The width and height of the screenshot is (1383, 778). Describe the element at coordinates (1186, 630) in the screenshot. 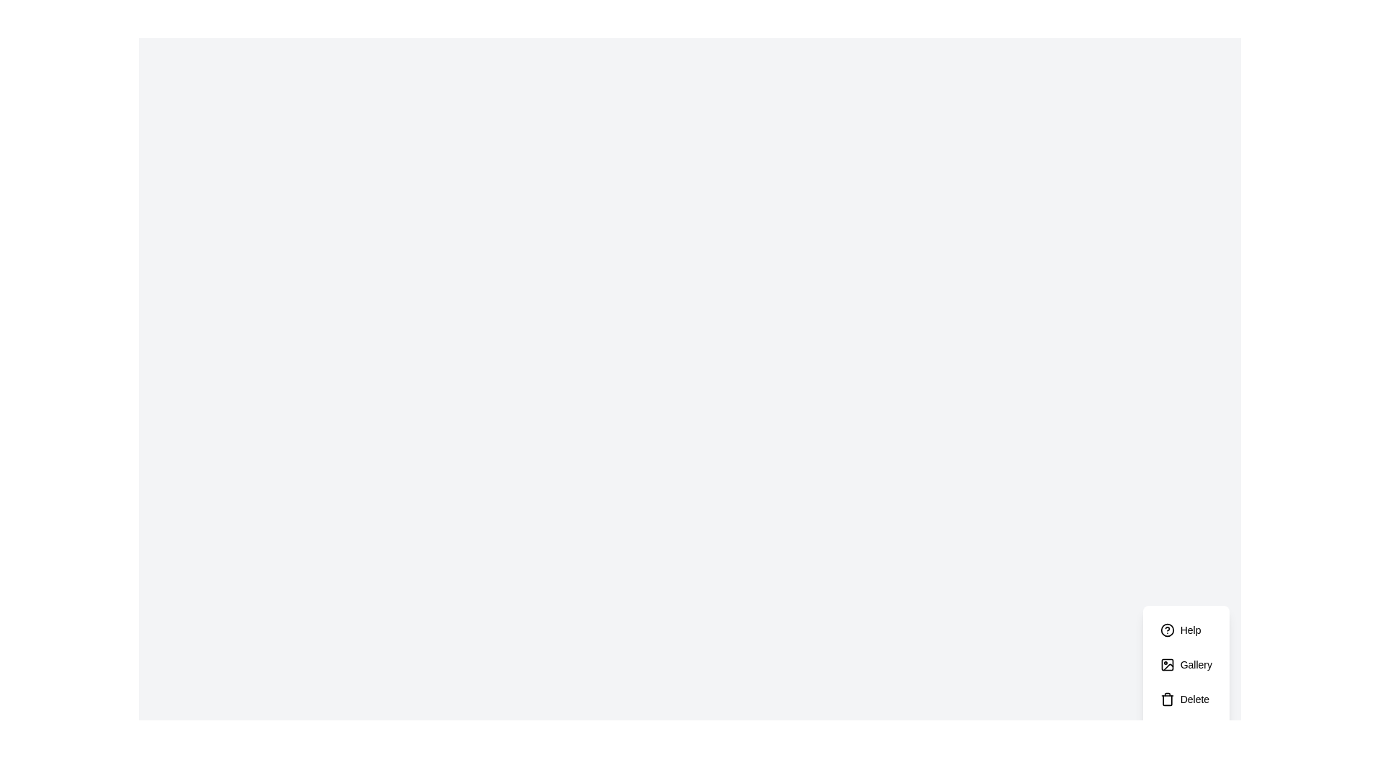

I see `the 'Help' button in the speed dial menu` at that location.